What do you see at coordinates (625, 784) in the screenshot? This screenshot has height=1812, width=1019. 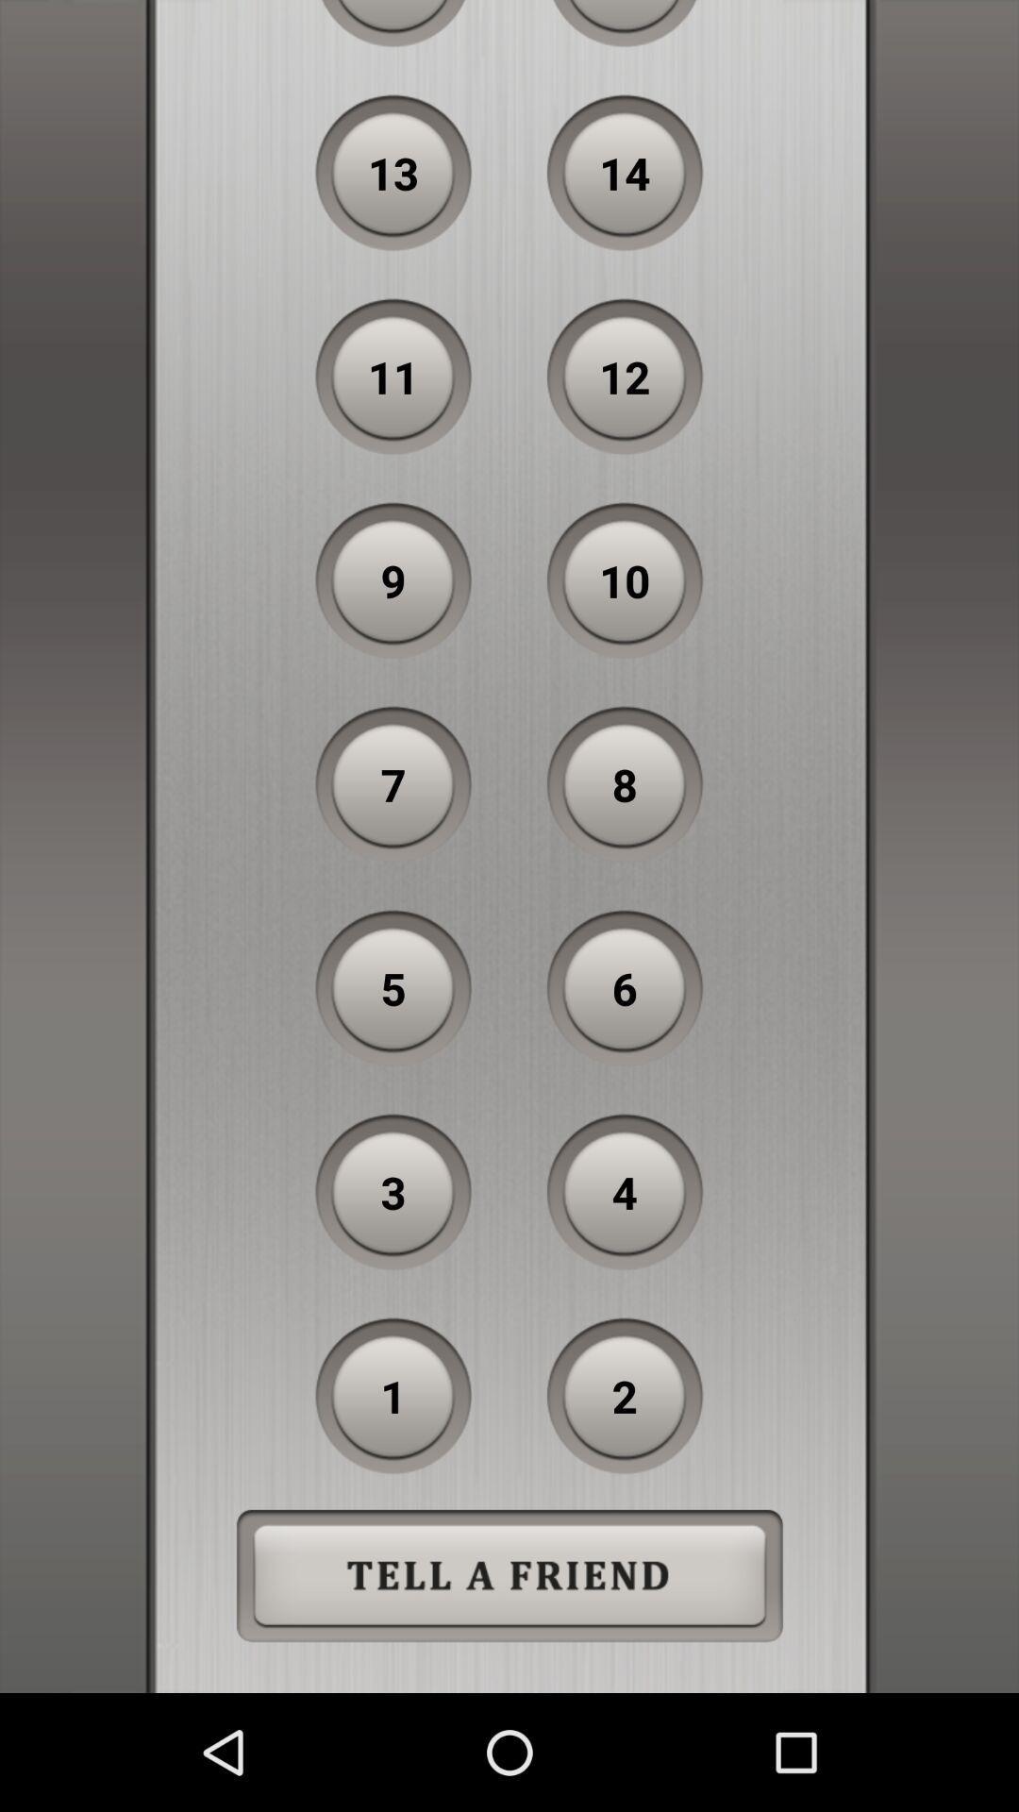 I see `the 8 item` at bounding box center [625, 784].